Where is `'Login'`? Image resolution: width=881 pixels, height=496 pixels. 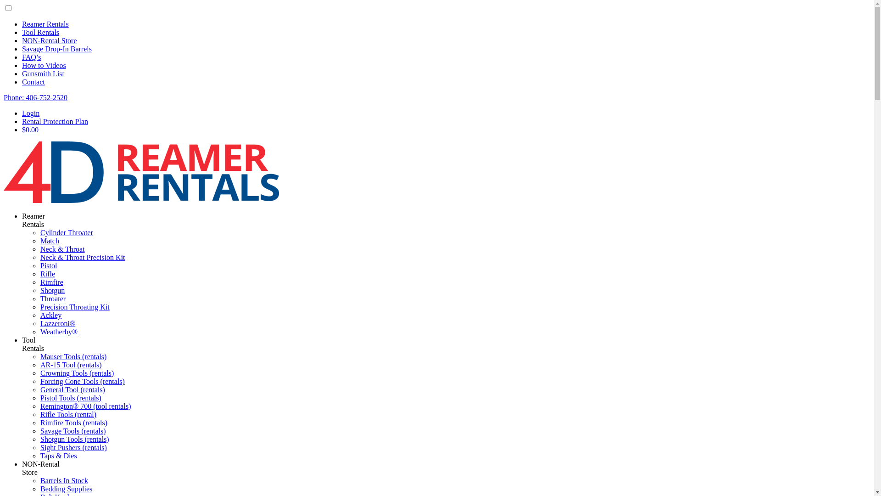 'Login' is located at coordinates (22, 113).